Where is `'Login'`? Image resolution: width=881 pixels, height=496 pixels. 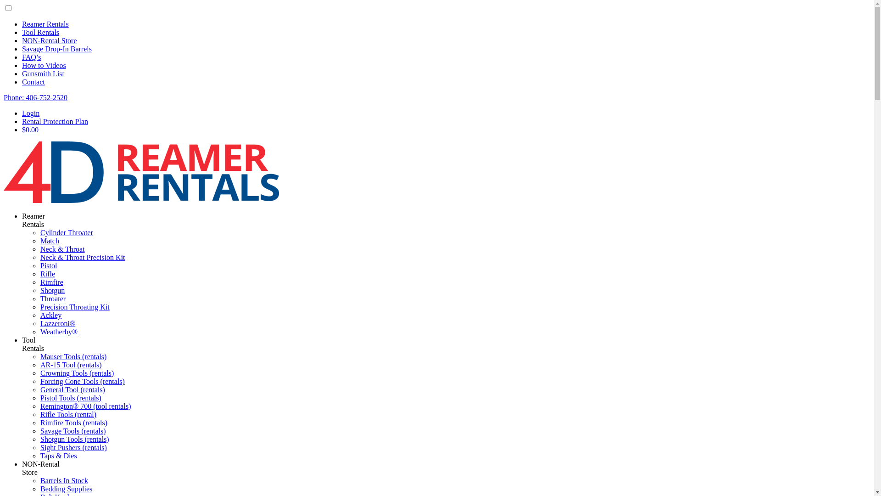 'Login' is located at coordinates (22, 113).